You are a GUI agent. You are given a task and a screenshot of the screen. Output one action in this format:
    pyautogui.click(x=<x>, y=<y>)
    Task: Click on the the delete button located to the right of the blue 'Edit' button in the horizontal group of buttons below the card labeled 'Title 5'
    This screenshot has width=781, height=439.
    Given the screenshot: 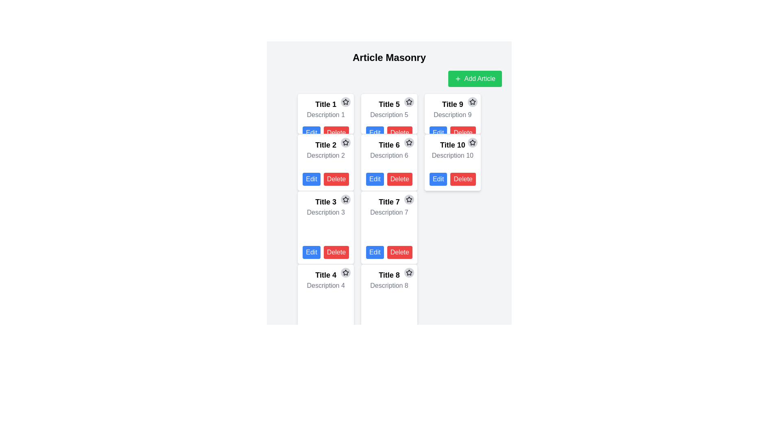 What is the action you would take?
    pyautogui.click(x=399, y=133)
    